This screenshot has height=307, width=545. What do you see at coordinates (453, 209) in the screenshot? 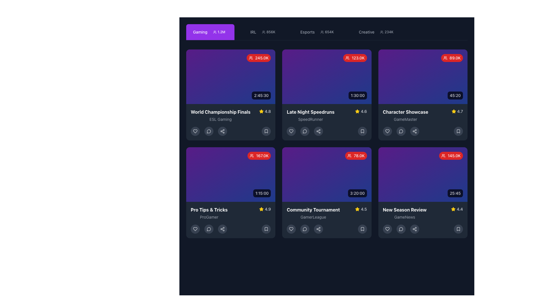
I see `the yellow star-shaped Rating Icon located in the bottom-right card of the displayed grid, next to the numeric rating value '4.4', to interact with it` at bounding box center [453, 209].